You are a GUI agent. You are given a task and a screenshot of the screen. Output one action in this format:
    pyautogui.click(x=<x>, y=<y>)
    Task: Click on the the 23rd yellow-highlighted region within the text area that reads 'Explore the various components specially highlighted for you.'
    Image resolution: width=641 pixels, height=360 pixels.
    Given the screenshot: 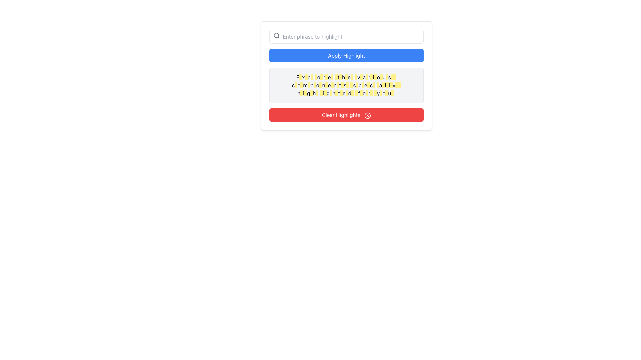 What is the action you would take?
    pyautogui.click(x=309, y=85)
    